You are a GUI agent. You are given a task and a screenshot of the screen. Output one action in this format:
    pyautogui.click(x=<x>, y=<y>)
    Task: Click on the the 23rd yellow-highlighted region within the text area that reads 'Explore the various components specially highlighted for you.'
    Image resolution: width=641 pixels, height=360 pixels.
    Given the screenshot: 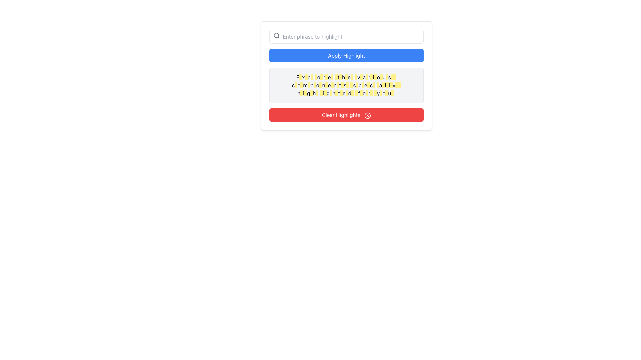 What is the action you would take?
    pyautogui.click(x=309, y=85)
    